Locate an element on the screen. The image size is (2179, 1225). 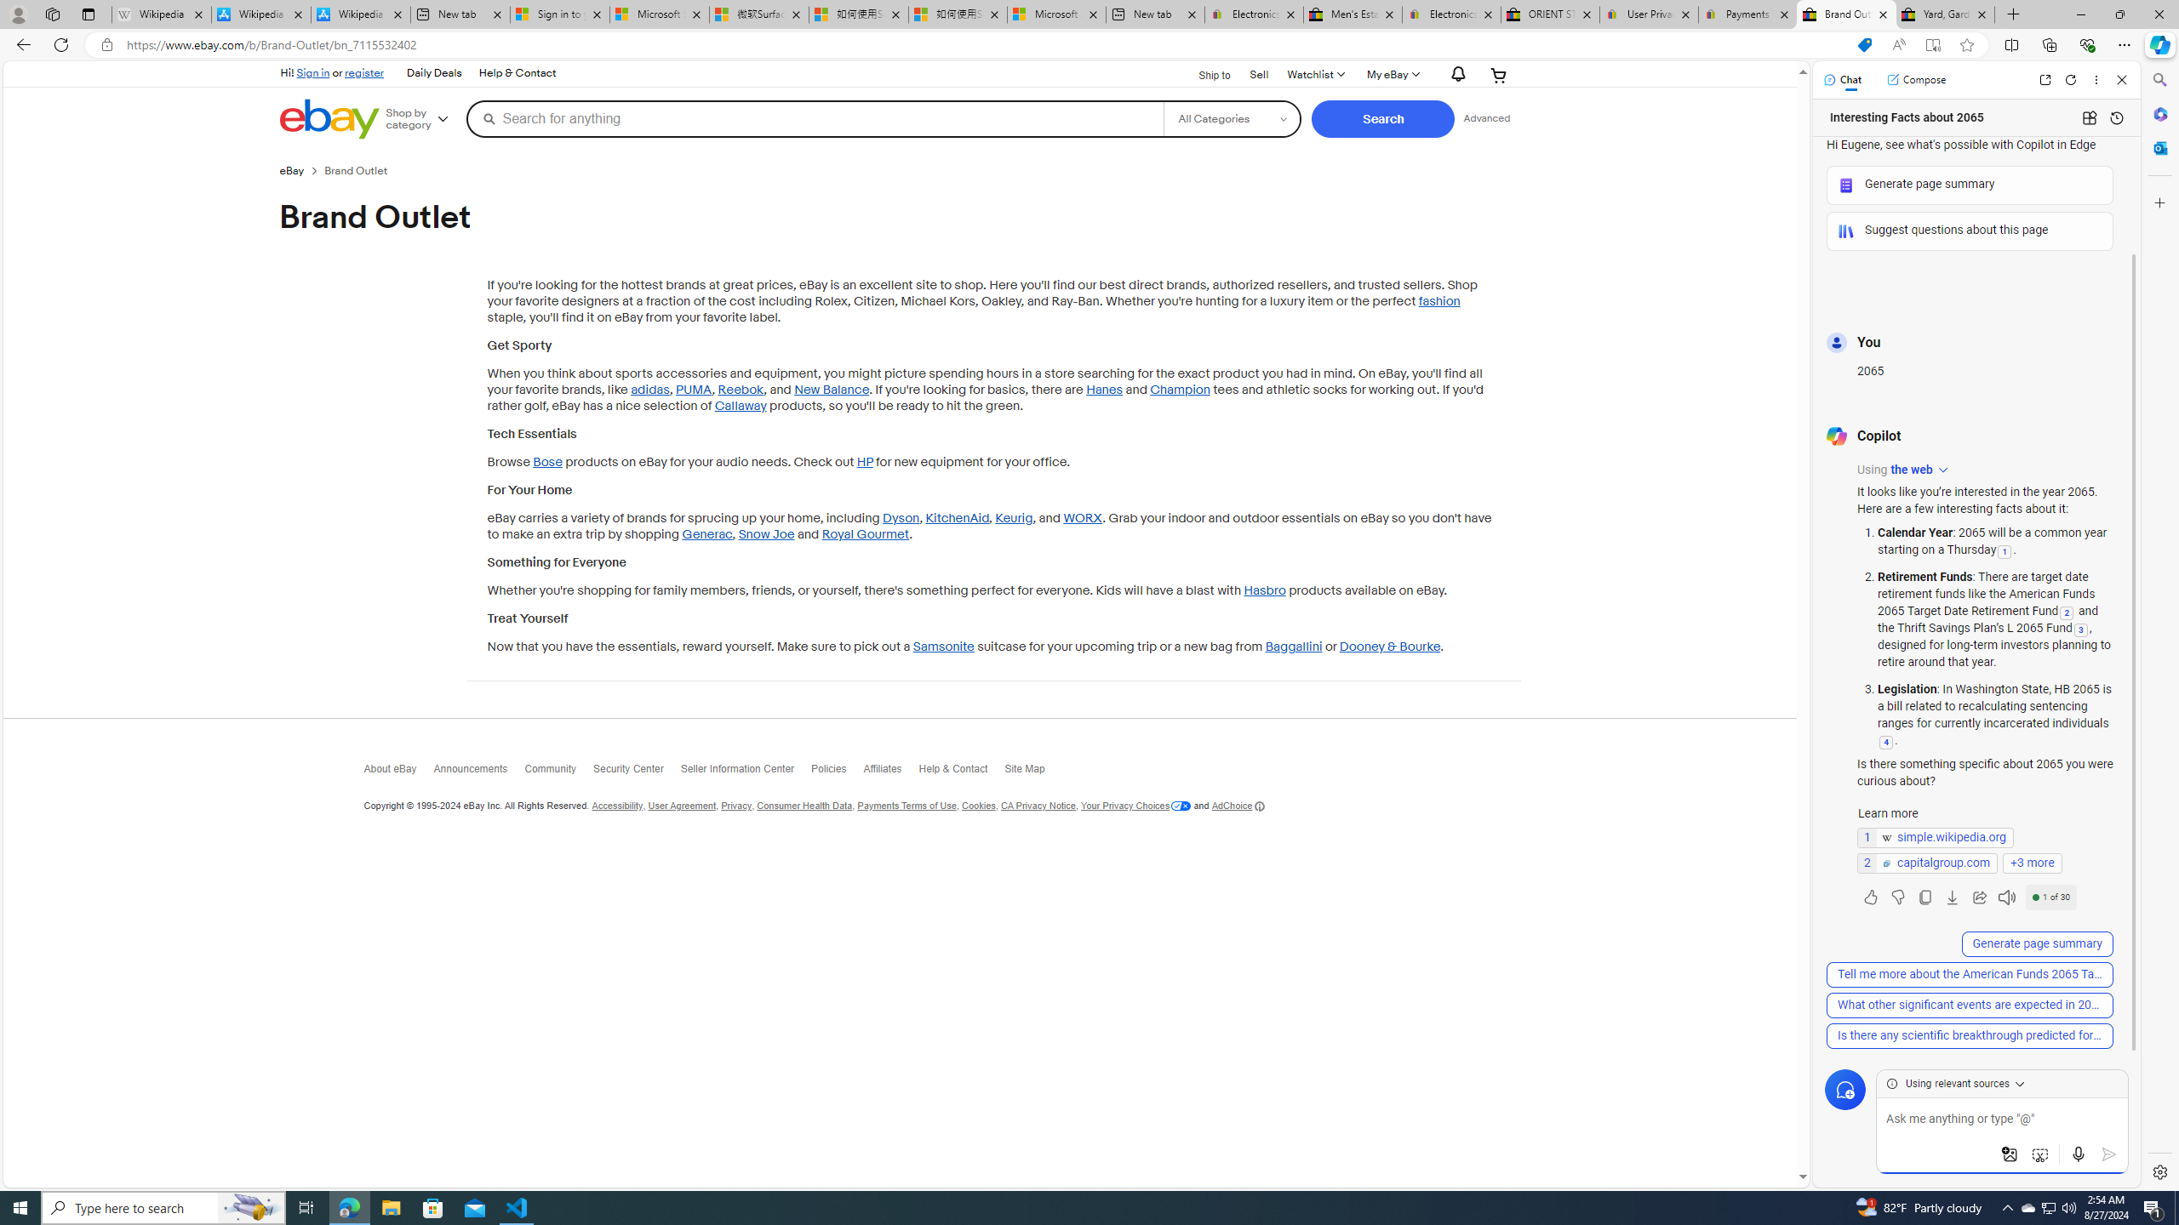
'eBay' is located at coordinates (291, 169).